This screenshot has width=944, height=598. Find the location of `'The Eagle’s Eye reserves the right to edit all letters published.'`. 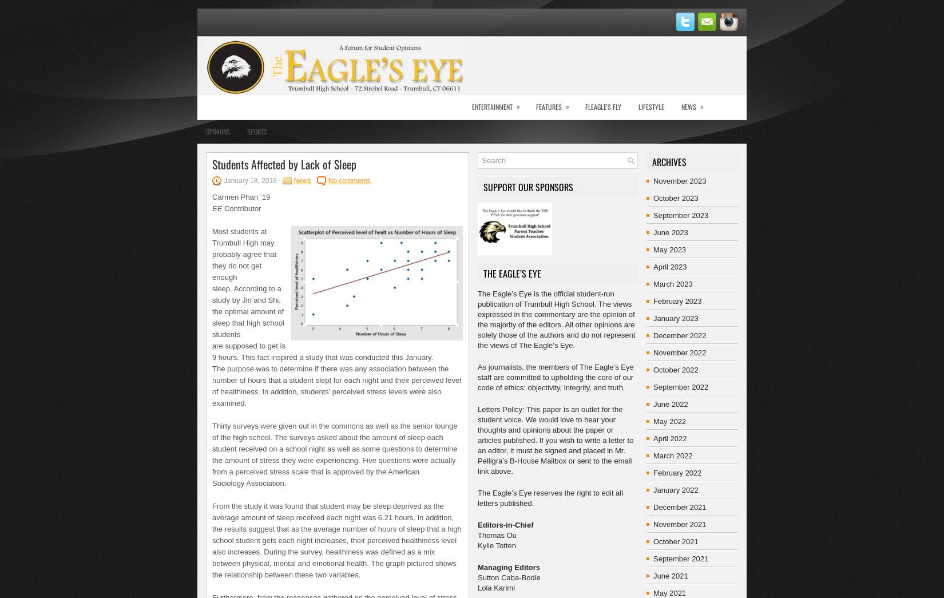

'The Eagle’s Eye reserves the right to edit all letters published.' is located at coordinates (550, 497).